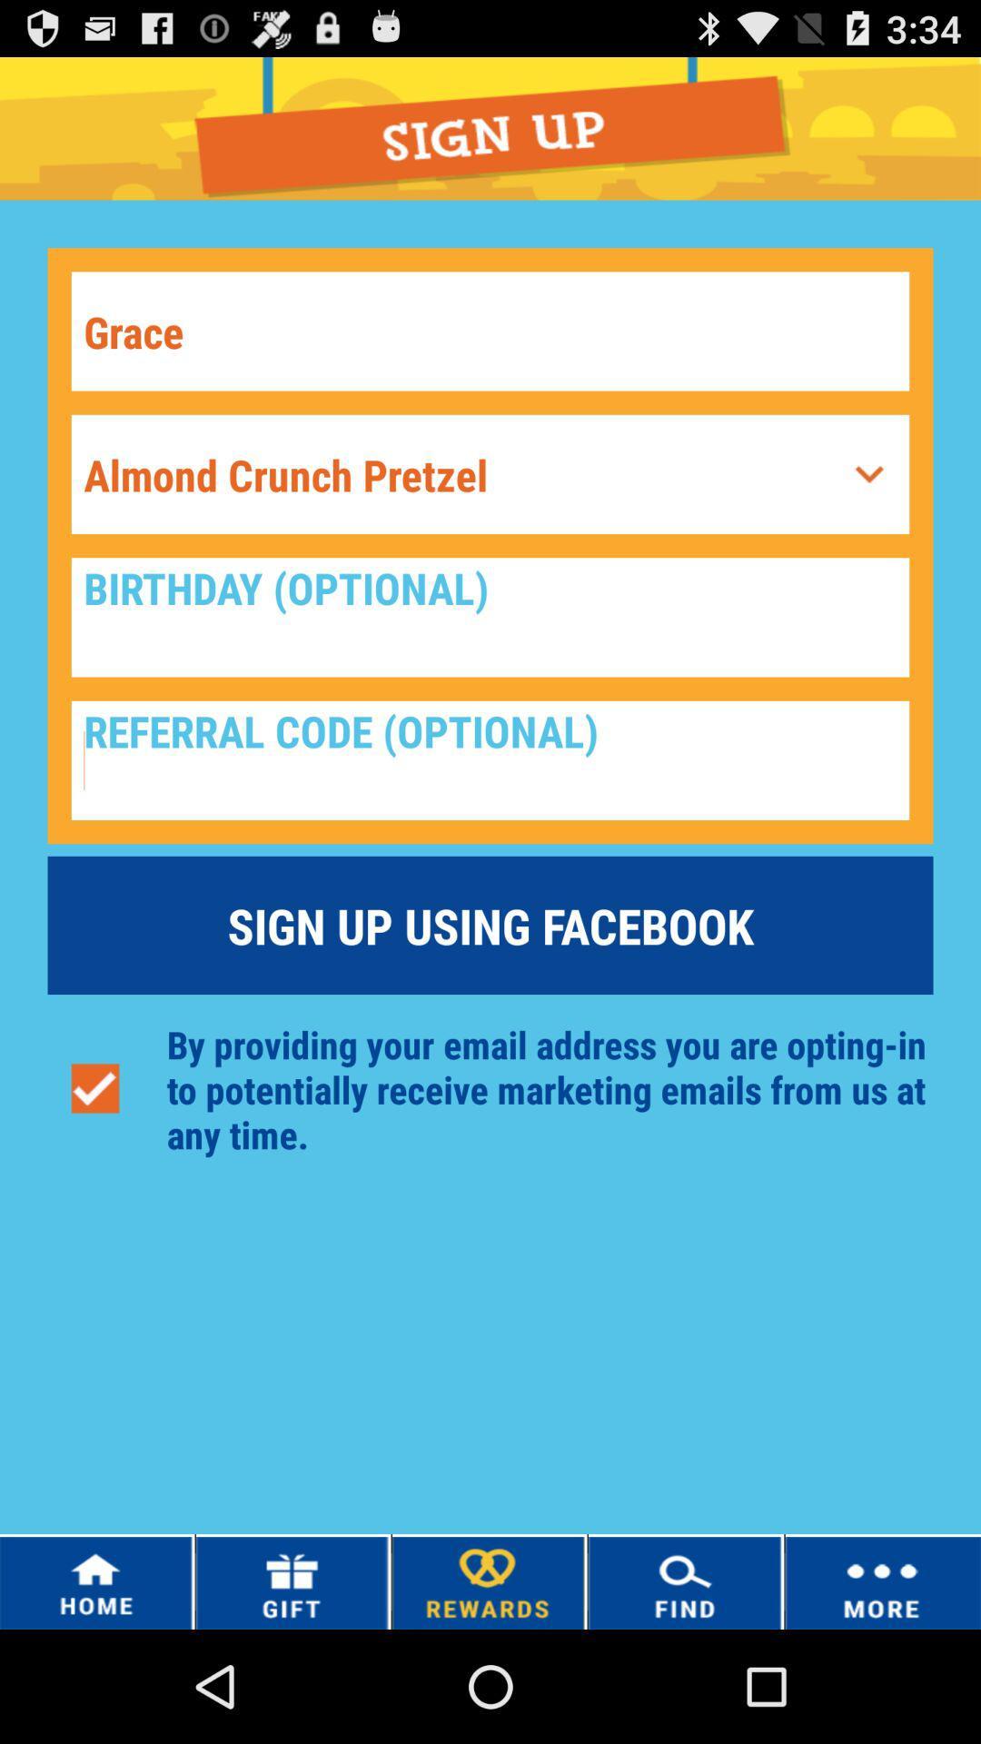 The height and width of the screenshot is (1744, 981). What do you see at coordinates (868, 474) in the screenshot?
I see `see more options` at bounding box center [868, 474].